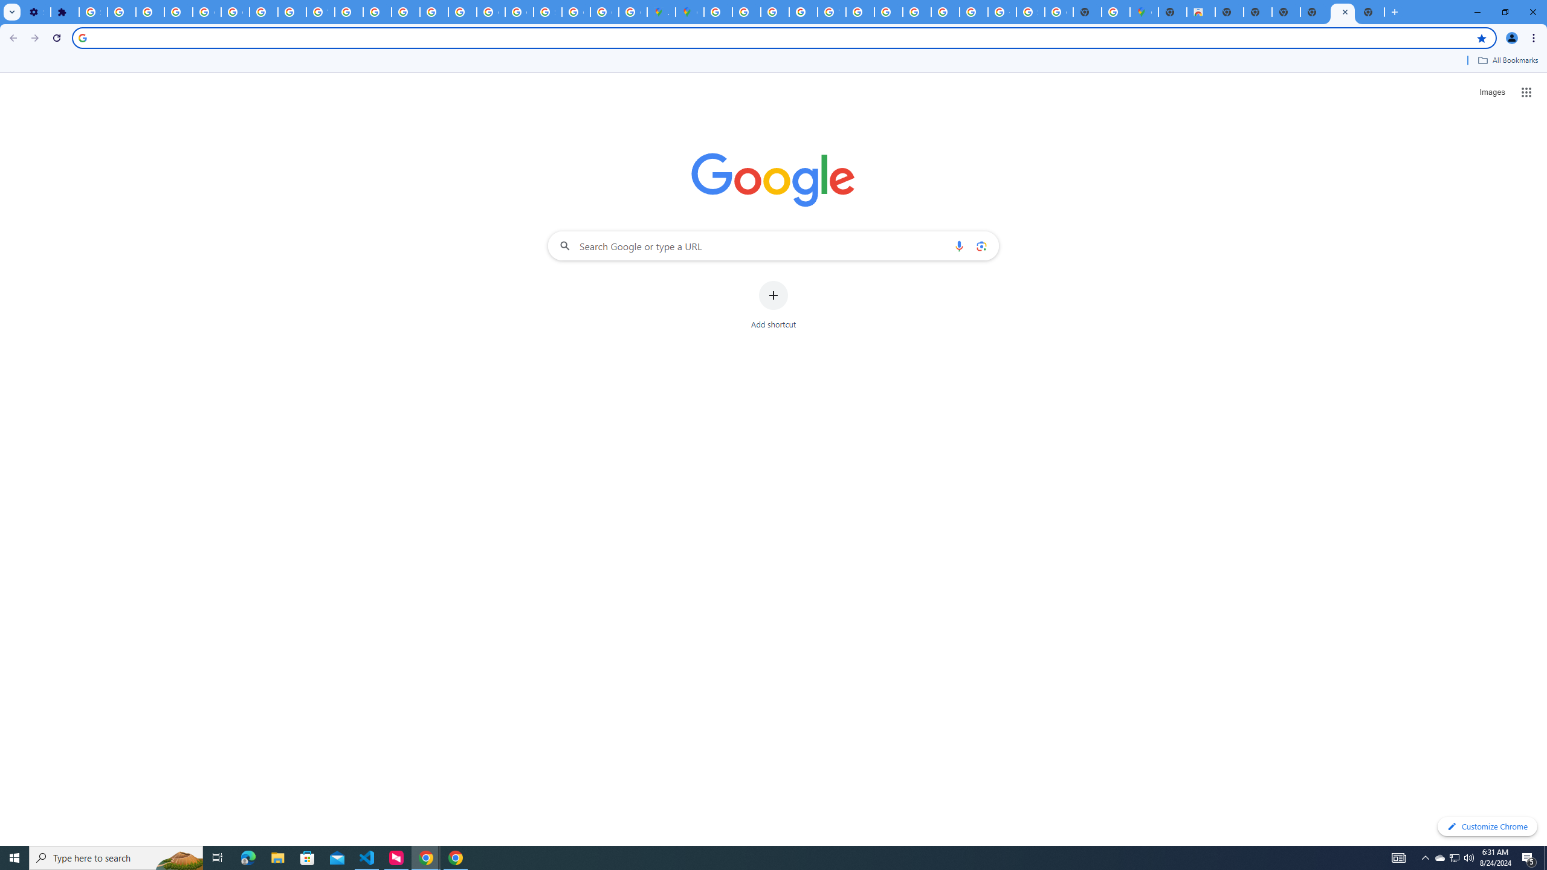 Image resolution: width=1547 pixels, height=870 pixels. What do you see at coordinates (1487, 826) in the screenshot?
I see `'Customize Chrome'` at bounding box center [1487, 826].